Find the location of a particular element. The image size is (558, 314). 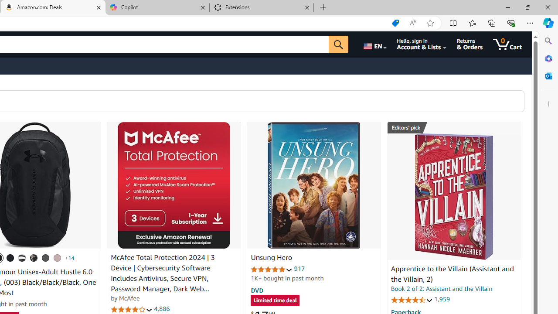

'(002) Black / Black / White' is located at coordinates (22, 257).